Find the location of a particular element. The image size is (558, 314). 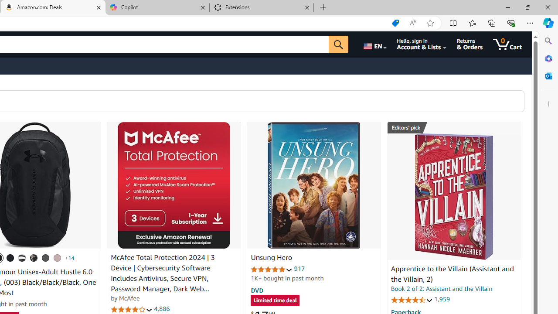

'(002) Black / Black / White' is located at coordinates (22, 257).